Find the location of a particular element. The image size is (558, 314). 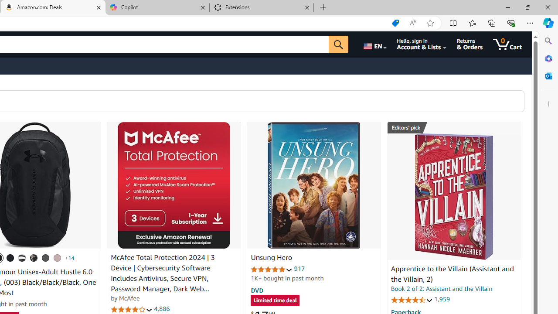

'(002) Black / Black / White' is located at coordinates (22, 257).